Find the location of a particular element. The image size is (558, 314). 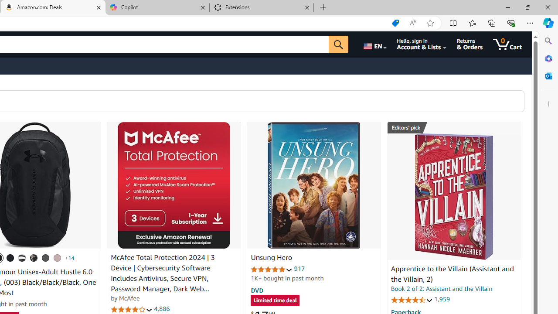

'(002) Black / Black / White' is located at coordinates (22, 257).